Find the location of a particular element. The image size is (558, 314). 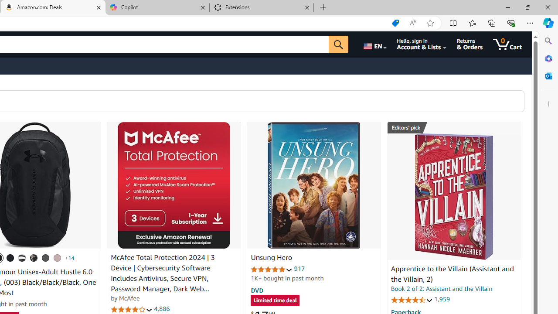

'(002) Black / Black / White' is located at coordinates (22, 257).